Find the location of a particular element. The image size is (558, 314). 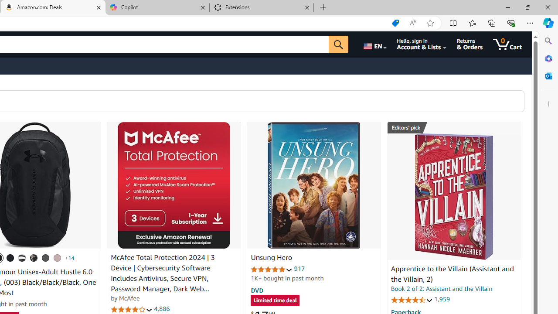

'(002) Black / Black / White' is located at coordinates (22, 257).